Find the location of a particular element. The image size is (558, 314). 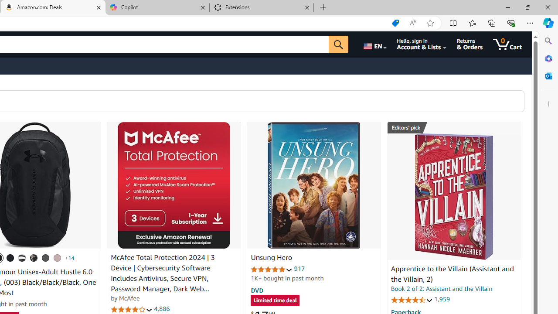

'(002) Black / Black / White' is located at coordinates (22, 257).